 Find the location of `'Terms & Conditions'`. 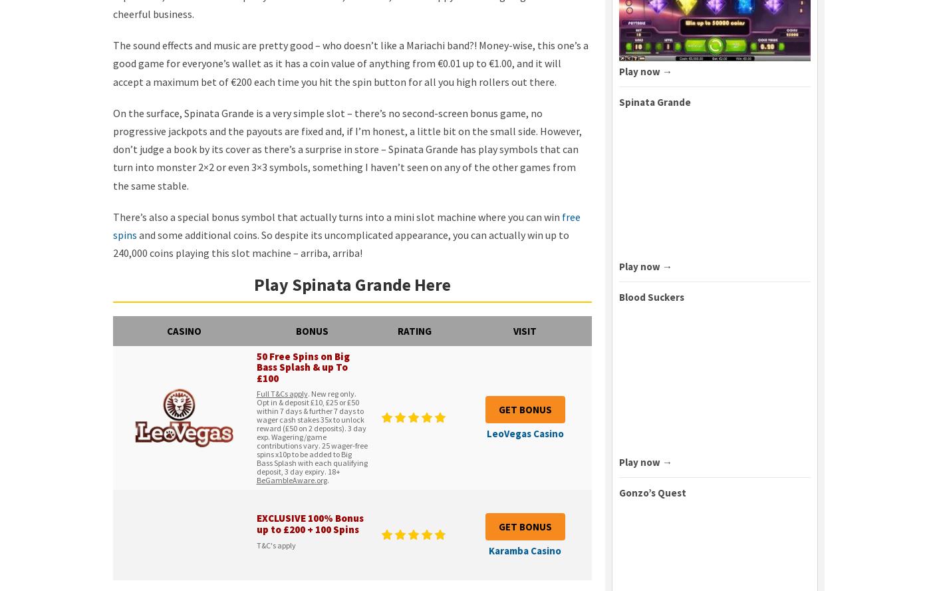

'Terms & Conditions' is located at coordinates (265, 575).